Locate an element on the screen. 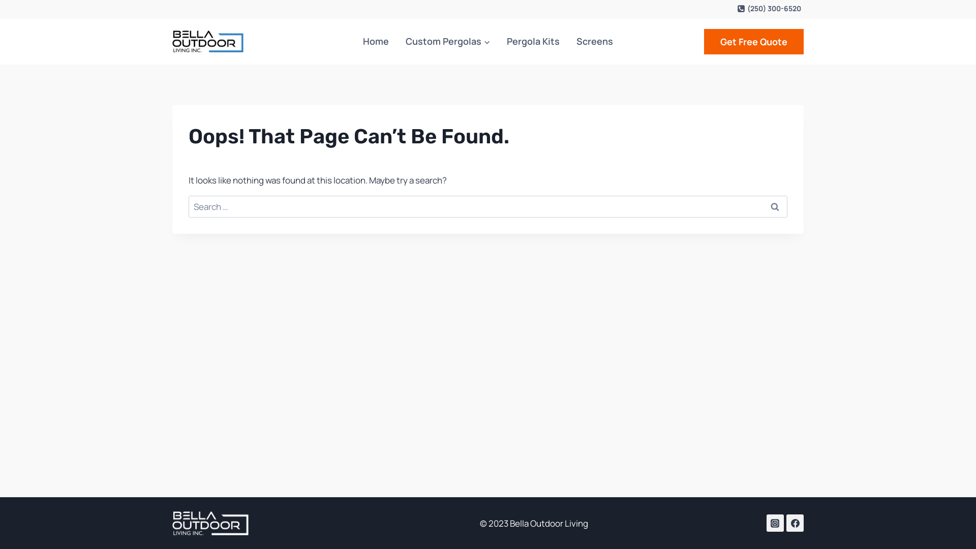 Image resolution: width=976 pixels, height=549 pixels. 'Get Free Quote' is located at coordinates (754, 41).